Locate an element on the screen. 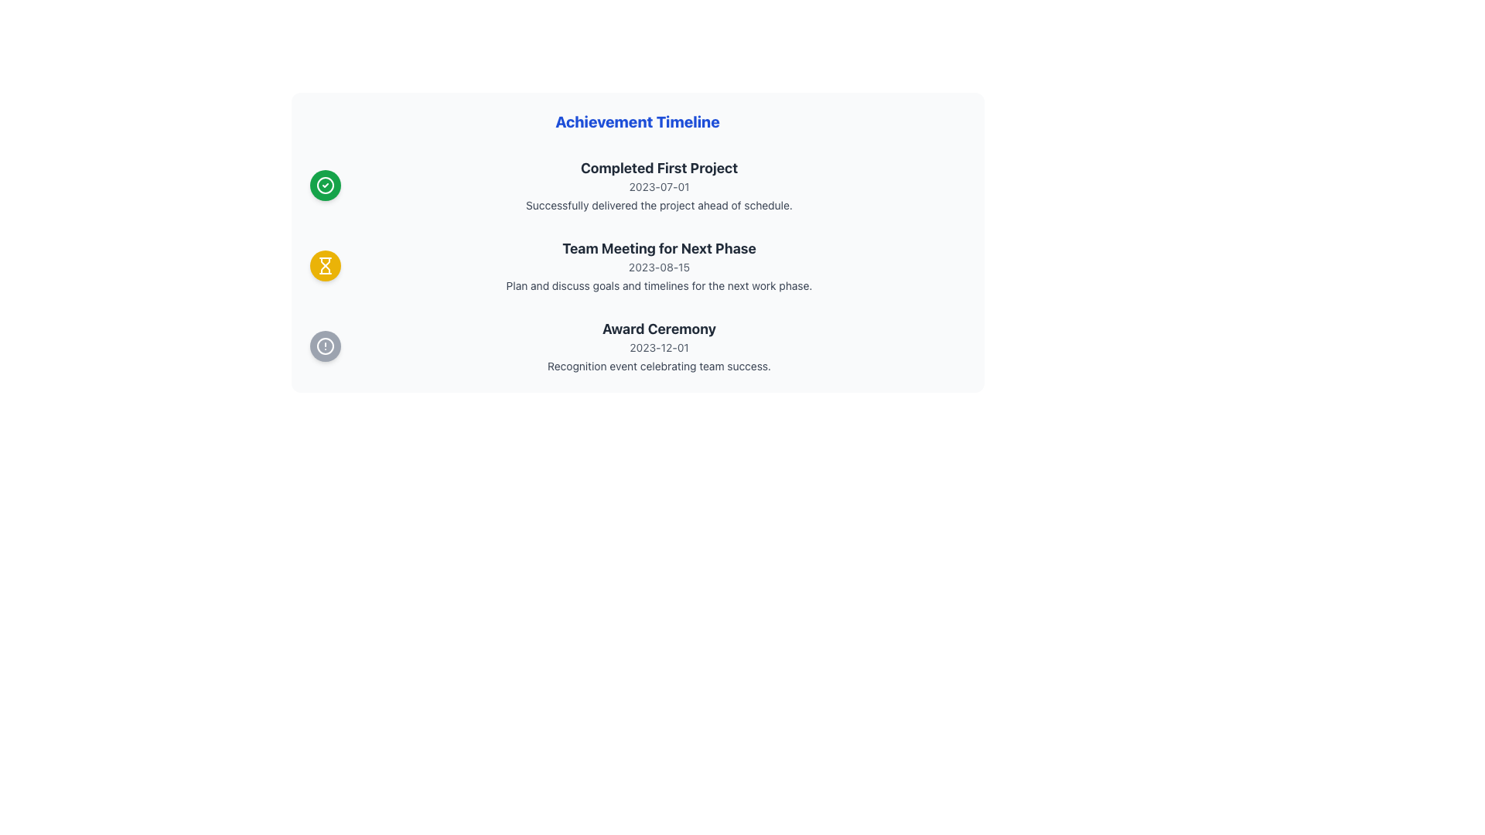  the Header Text displaying 'Completed First Project', which is styled with a large bold font in dark gray, located beneath 'Achievement Timeline' in the vertical timeline layout is located at coordinates (659, 169).